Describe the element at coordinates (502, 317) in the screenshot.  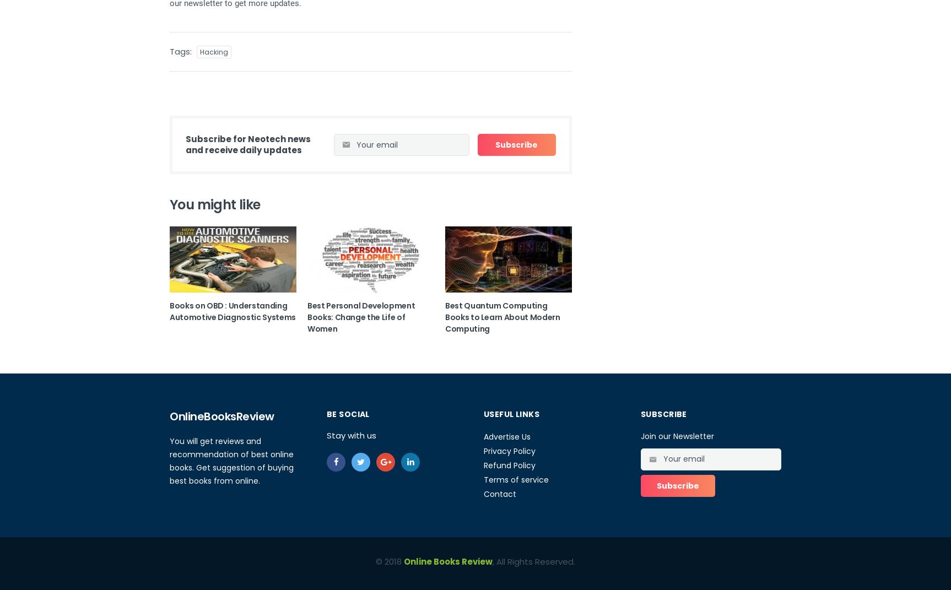
I see `'Best Quantum Computing Books to Learn About Modern Computing'` at that location.